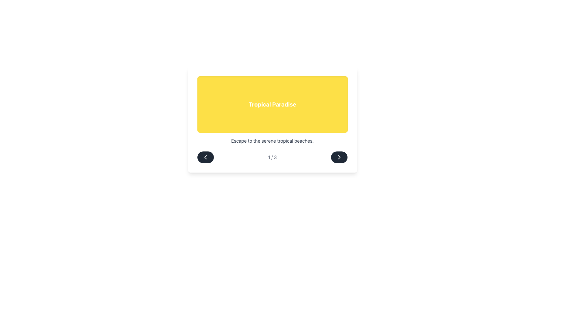  Describe the element at coordinates (339, 157) in the screenshot. I see `the rightward chevron icon of the Navigation Control` at that location.